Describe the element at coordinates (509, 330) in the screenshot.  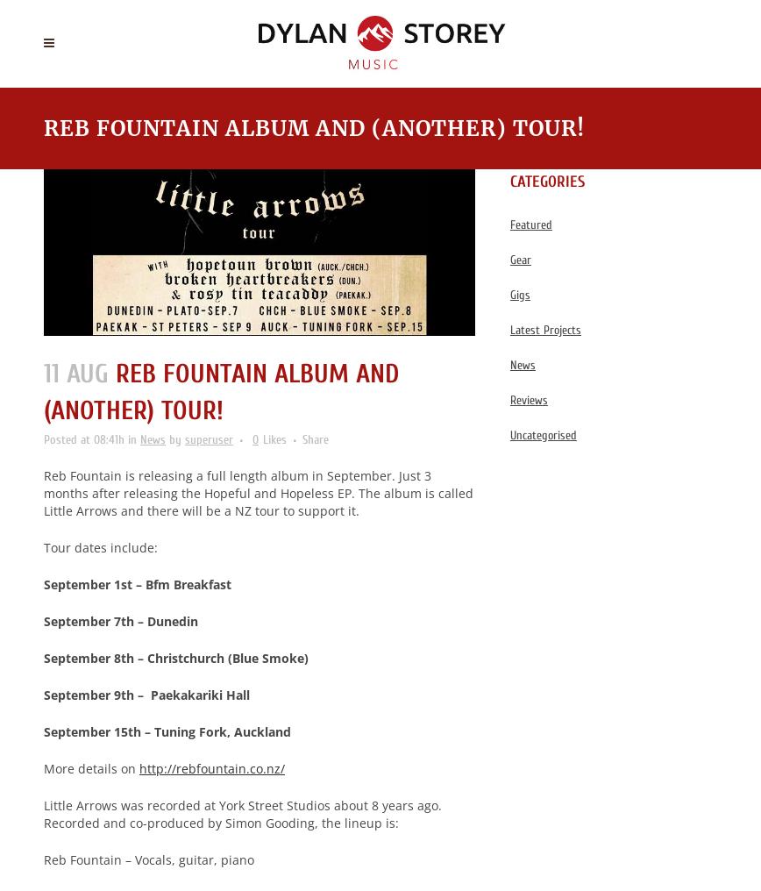
I see `'Latest Projects'` at that location.